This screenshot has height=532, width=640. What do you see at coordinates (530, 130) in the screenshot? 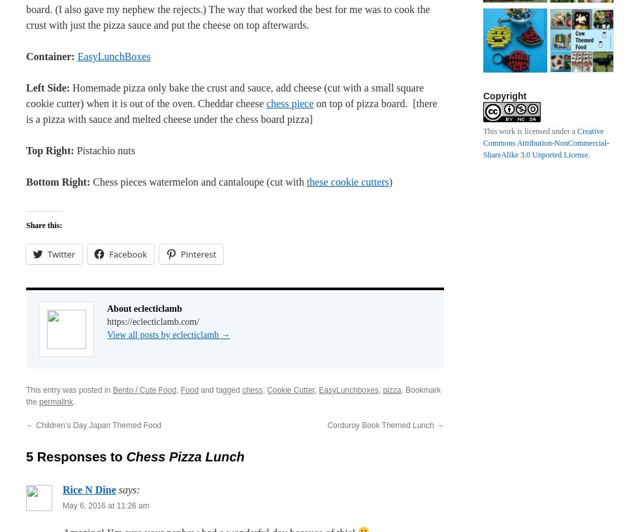
I see `'This work is licensed under a'` at bounding box center [530, 130].